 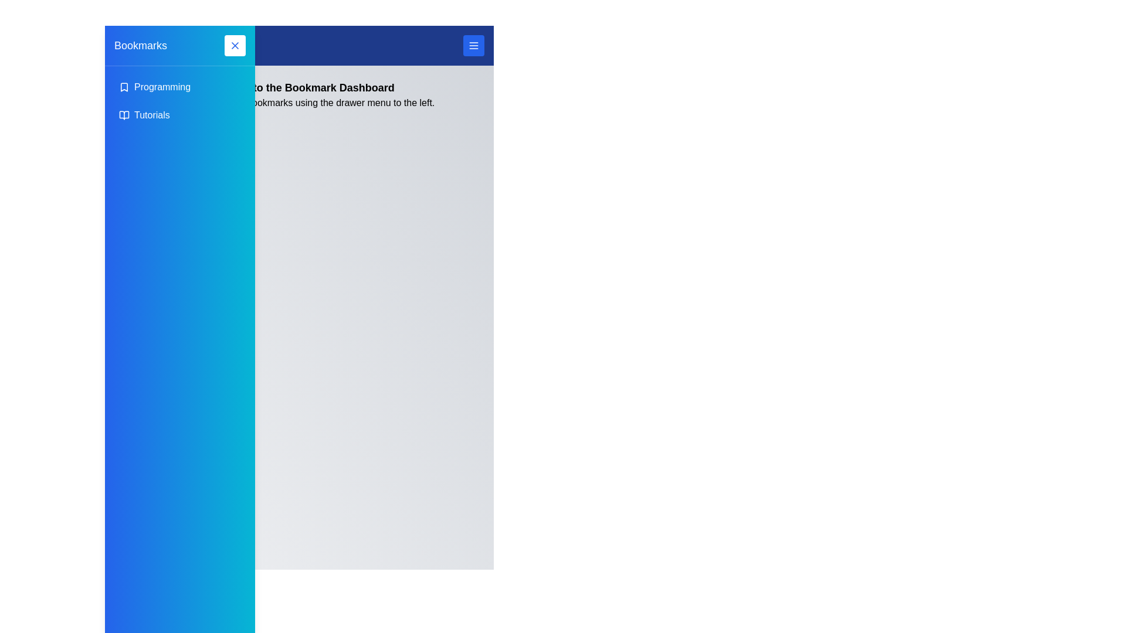 I want to click on the text label displaying 'Welcome to the Bookmark Dashboard', which is positioned at the top of the main content panel, to the right of the sidebar menu, so click(x=299, y=87).